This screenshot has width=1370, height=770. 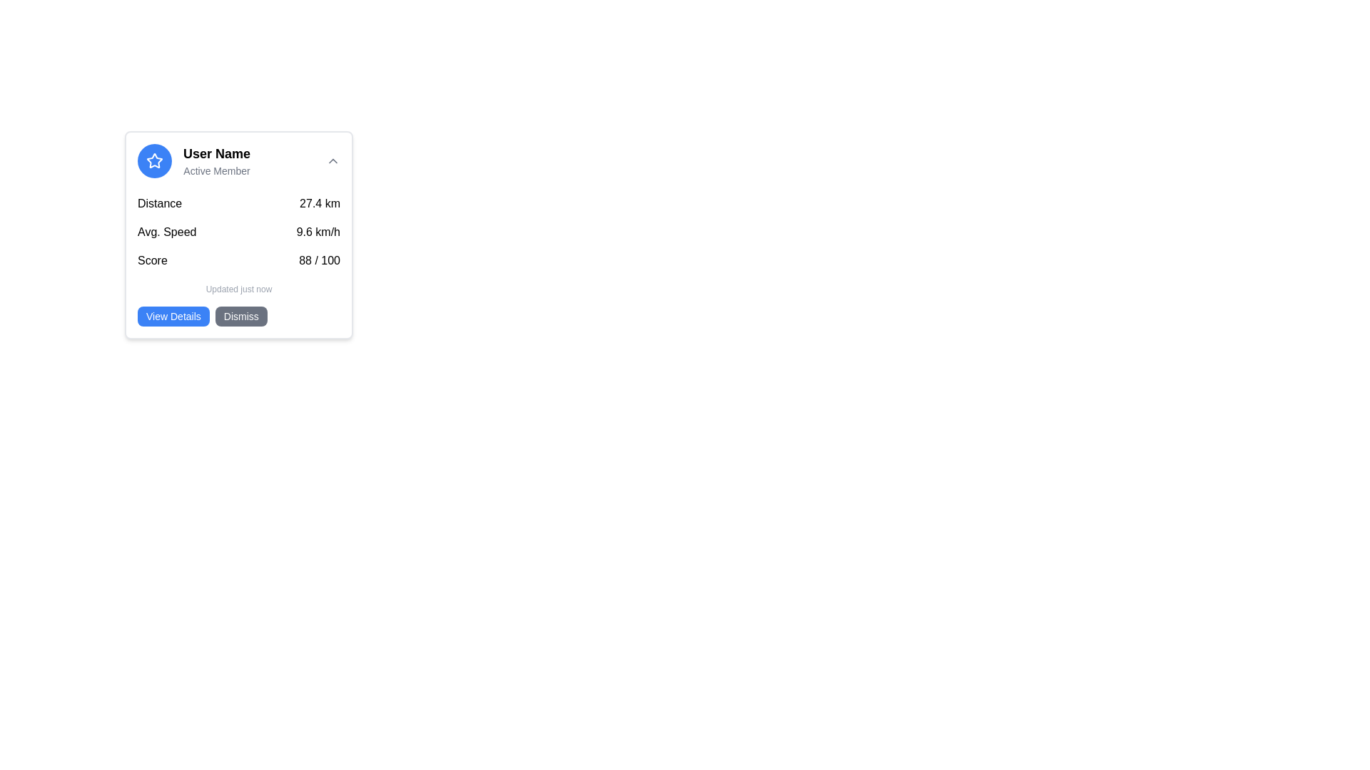 What do you see at coordinates (319, 203) in the screenshot?
I see `the static text element displaying '27.4 km' located in the card-like information panel under the label 'Distance'` at bounding box center [319, 203].